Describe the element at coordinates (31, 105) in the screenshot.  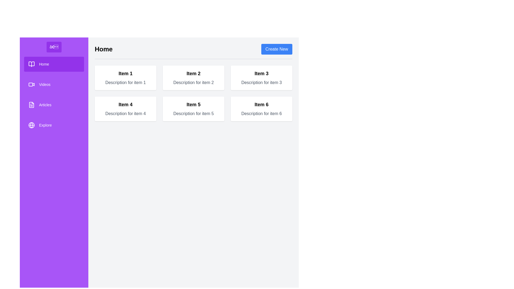
I see `the document icon in the sidebar` at that location.